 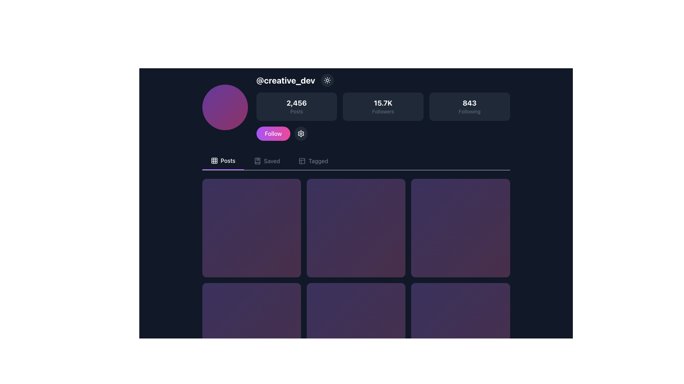 What do you see at coordinates (301, 133) in the screenshot?
I see `the circular settings button with a gear icon located to the right of the 'Follow' button in the header area` at bounding box center [301, 133].